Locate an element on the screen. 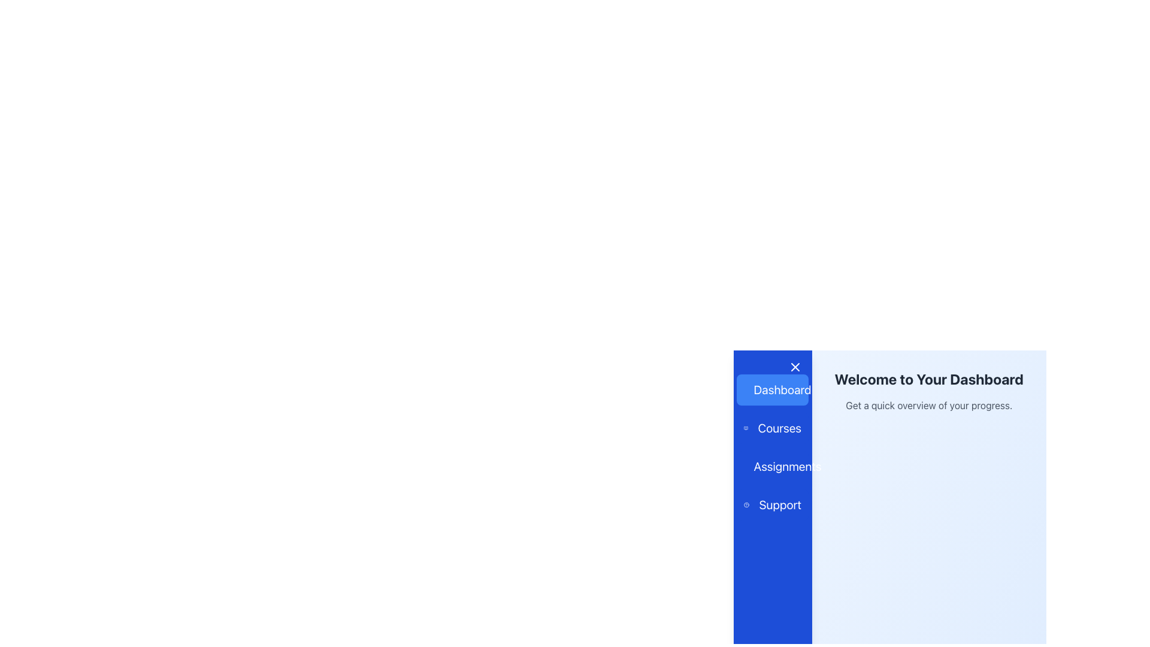 This screenshot has width=1150, height=647. the 'Dashboard' button, which is a rectangular button with rounded corners, a blue background, and a house-shaped icon to the left of the text label is located at coordinates (773, 390).